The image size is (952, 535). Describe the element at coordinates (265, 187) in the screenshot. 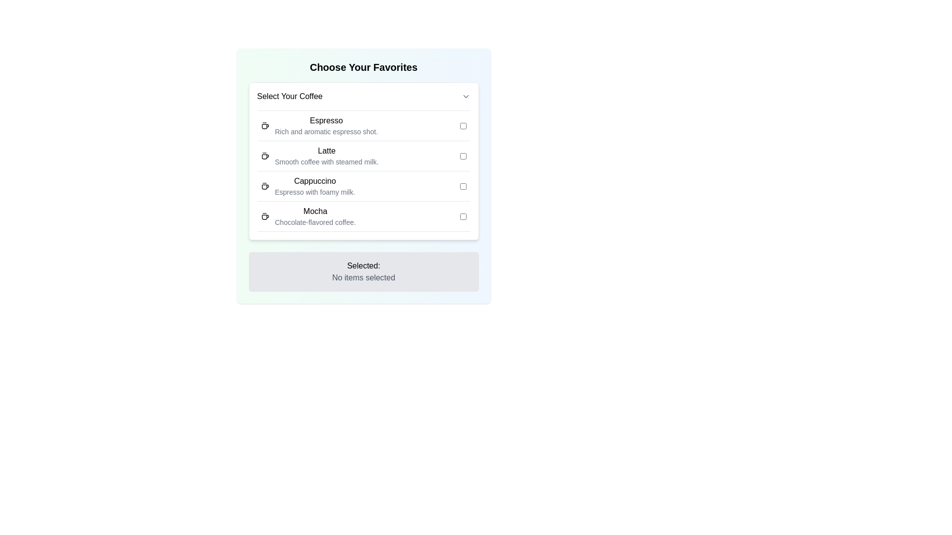

I see `the coffee cup icon within the SVG group that represents the Cappuccino option in the coffee selection interface` at that location.